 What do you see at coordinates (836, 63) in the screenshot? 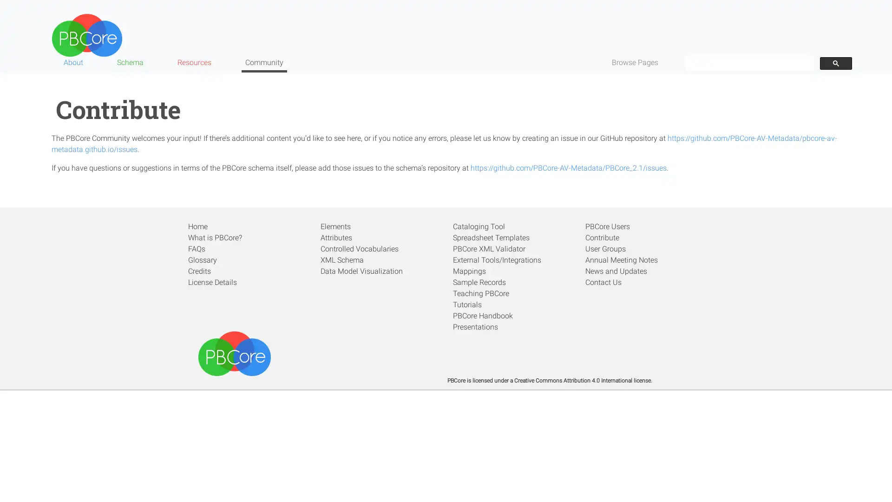
I see `search` at bounding box center [836, 63].